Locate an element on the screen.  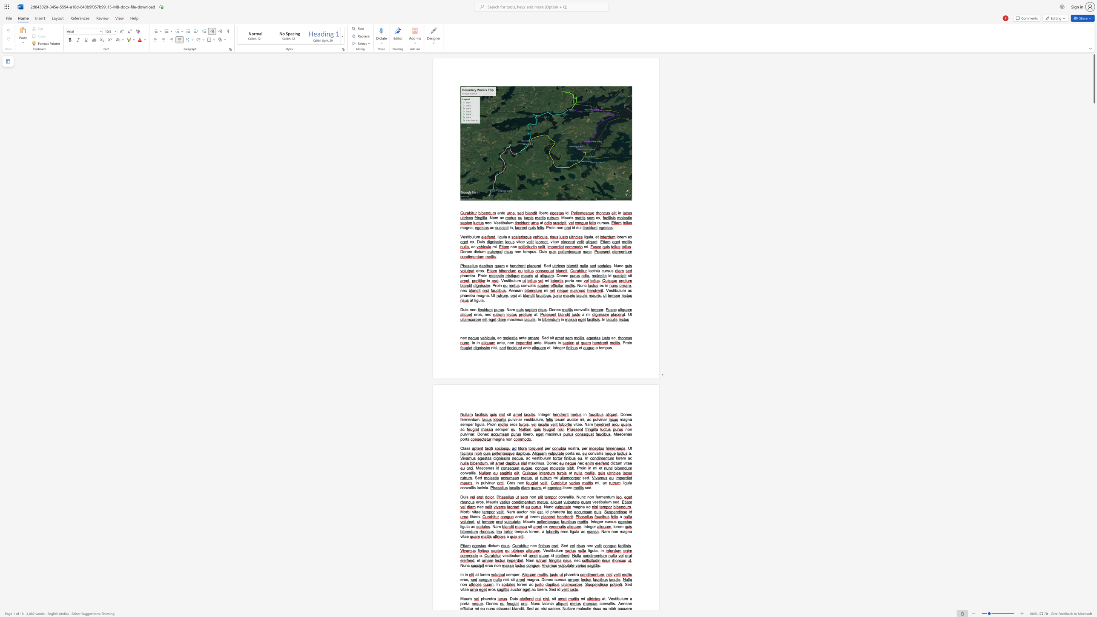
the 2th character "n" in the text is located at coordinates (624, 603).